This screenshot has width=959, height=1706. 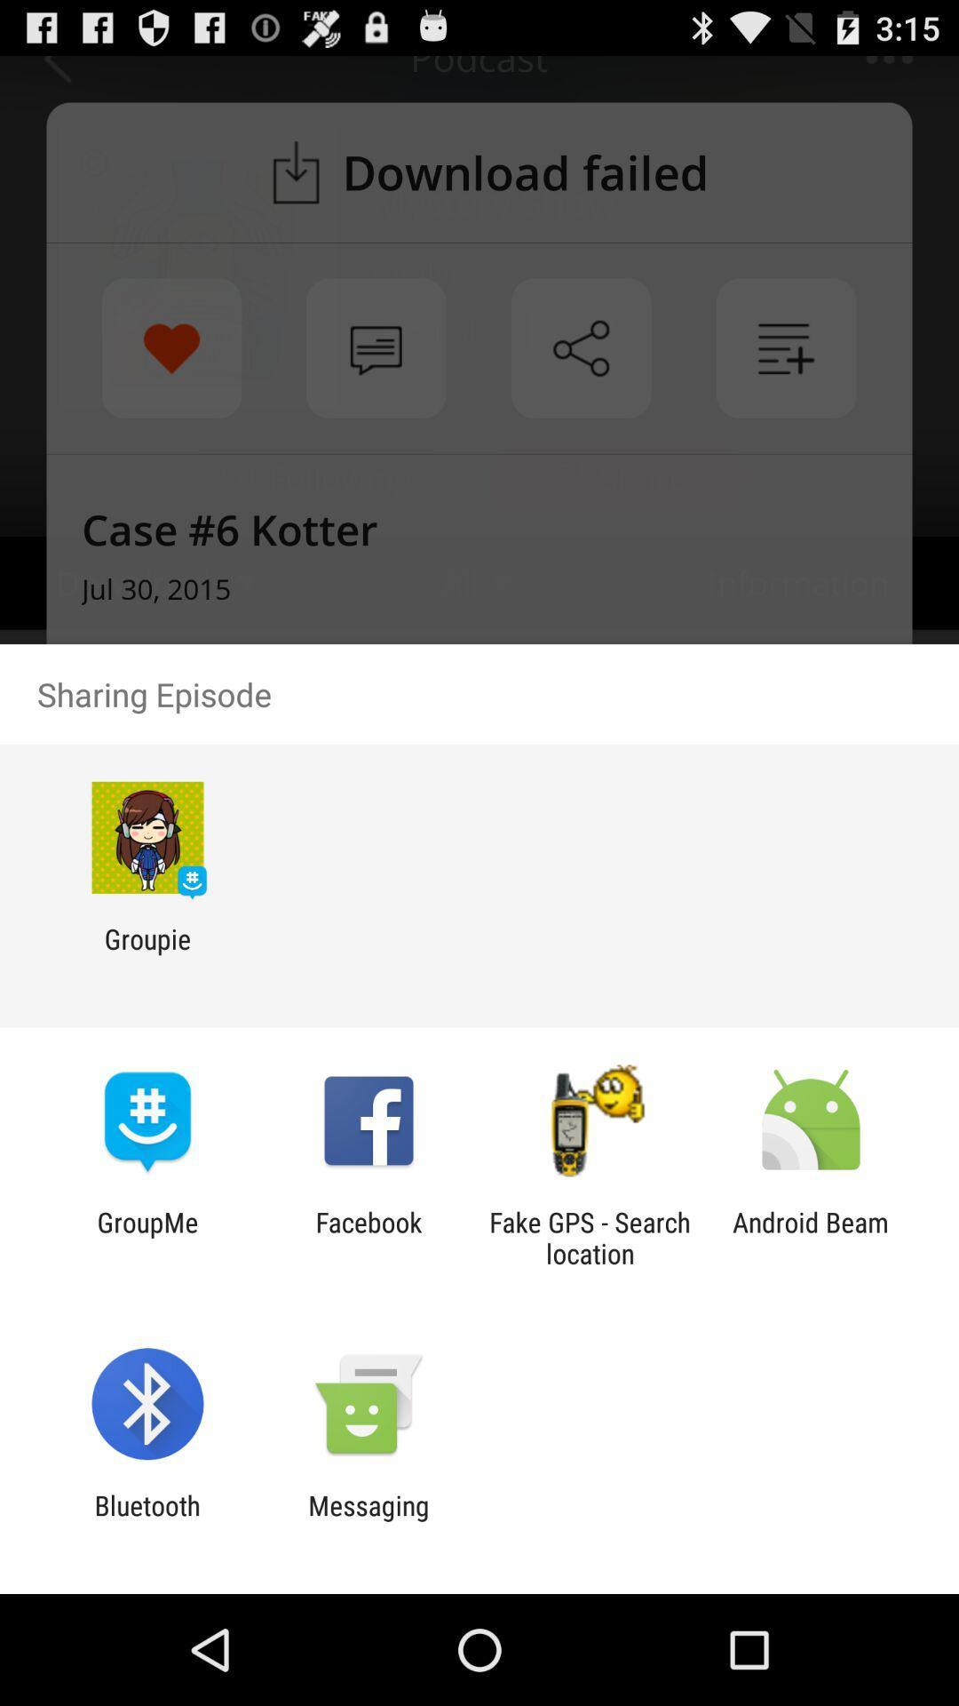 I want to click on the messaging item, so click(x=368, y=1520).